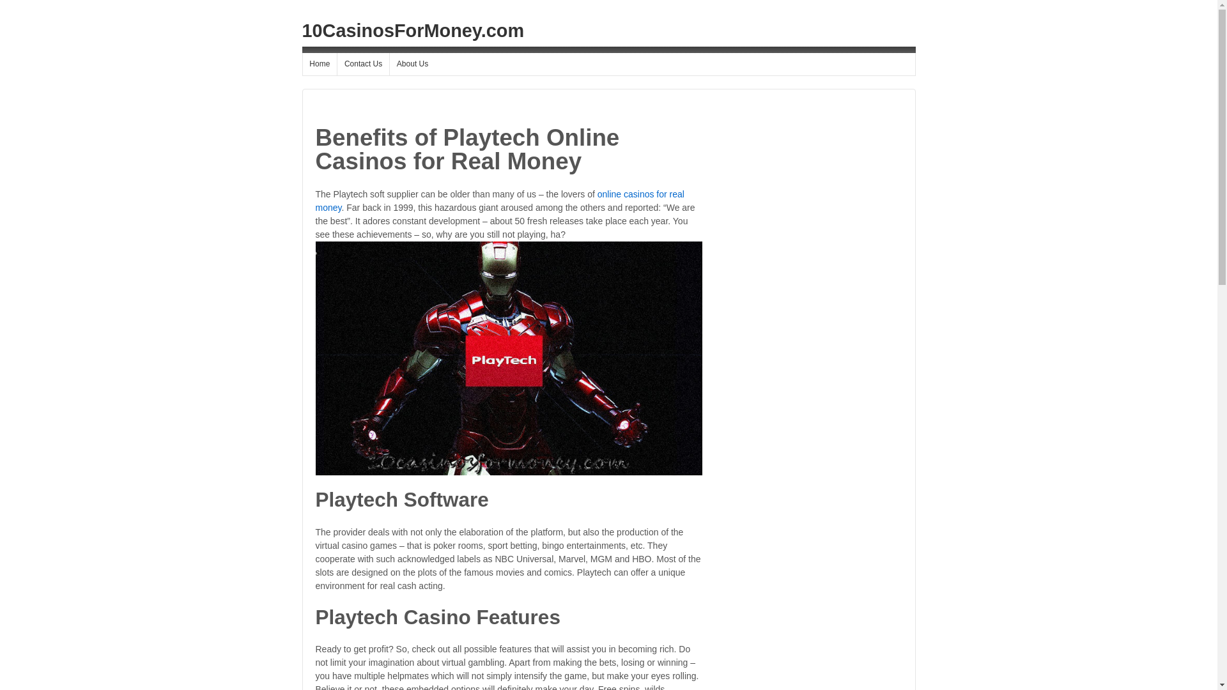  What do you see at coordinates (302, 64) in the screenshot?
I see `'Home'` at bounding box center [302, 64].